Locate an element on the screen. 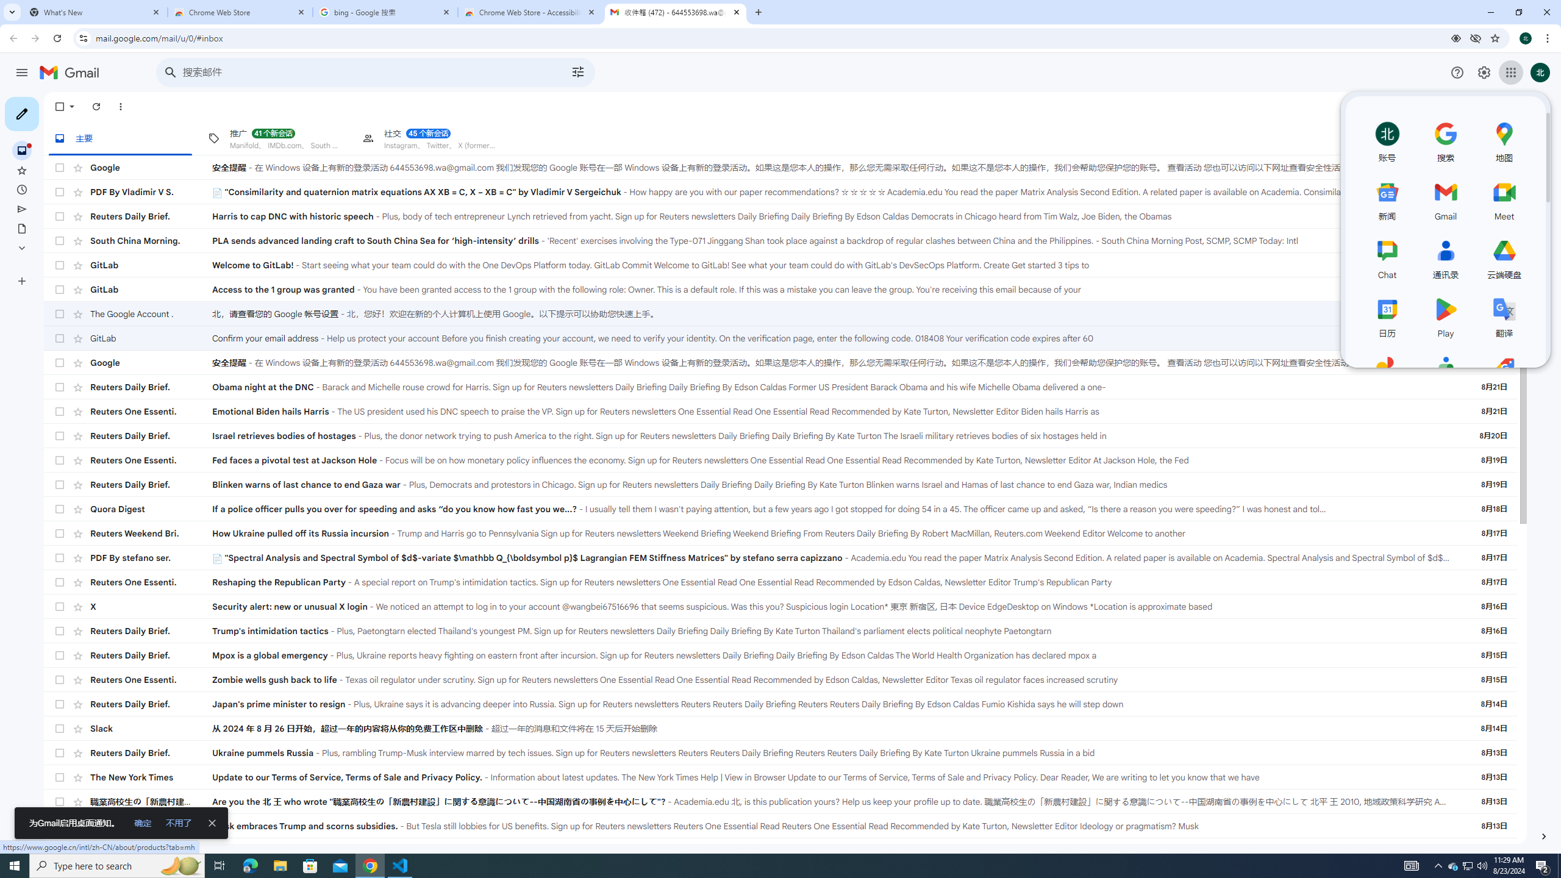  'Search tabs' is located at coordinates (12, 12).